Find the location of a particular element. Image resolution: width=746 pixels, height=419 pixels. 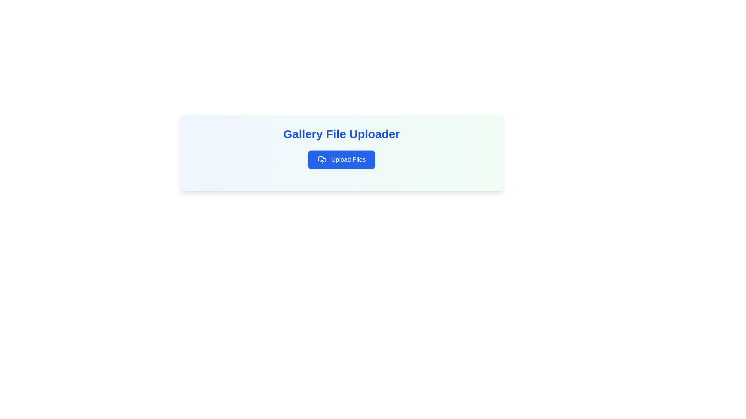

the 'Upload Files' button in the file uploader interface to observe the hover effects is located at coordinates (341, 152).